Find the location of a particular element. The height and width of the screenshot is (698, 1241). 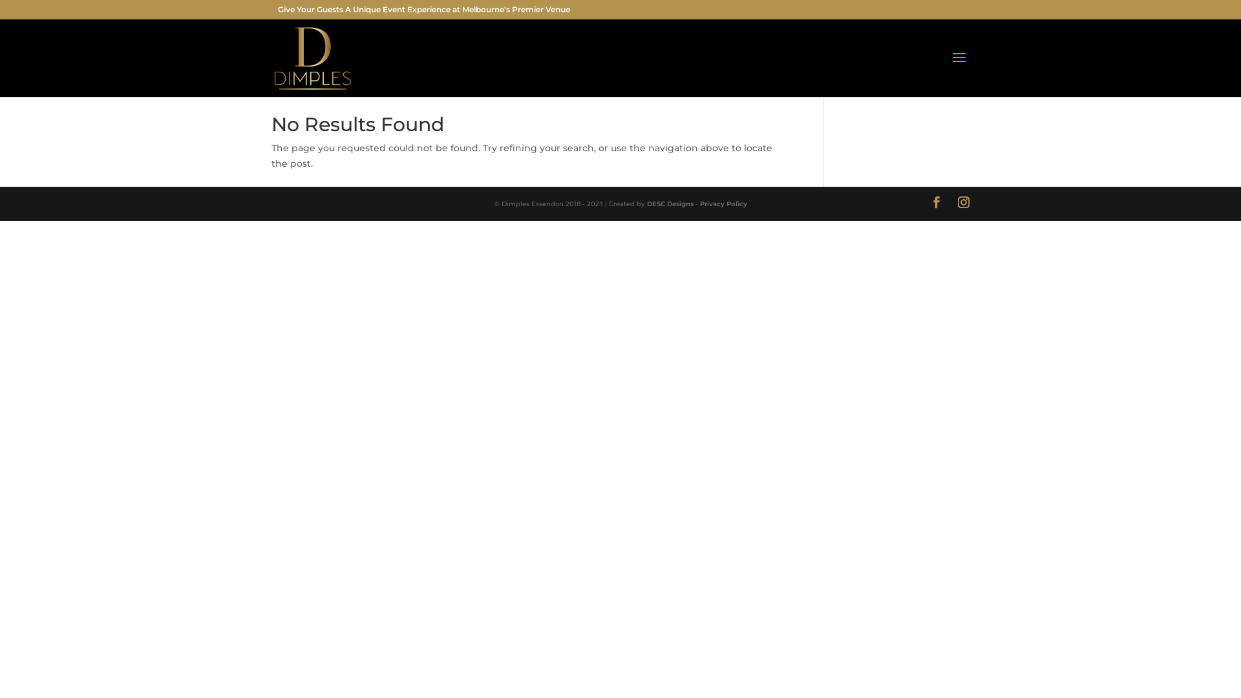

'Privacy Policy' is located at coordinates (722, 204).